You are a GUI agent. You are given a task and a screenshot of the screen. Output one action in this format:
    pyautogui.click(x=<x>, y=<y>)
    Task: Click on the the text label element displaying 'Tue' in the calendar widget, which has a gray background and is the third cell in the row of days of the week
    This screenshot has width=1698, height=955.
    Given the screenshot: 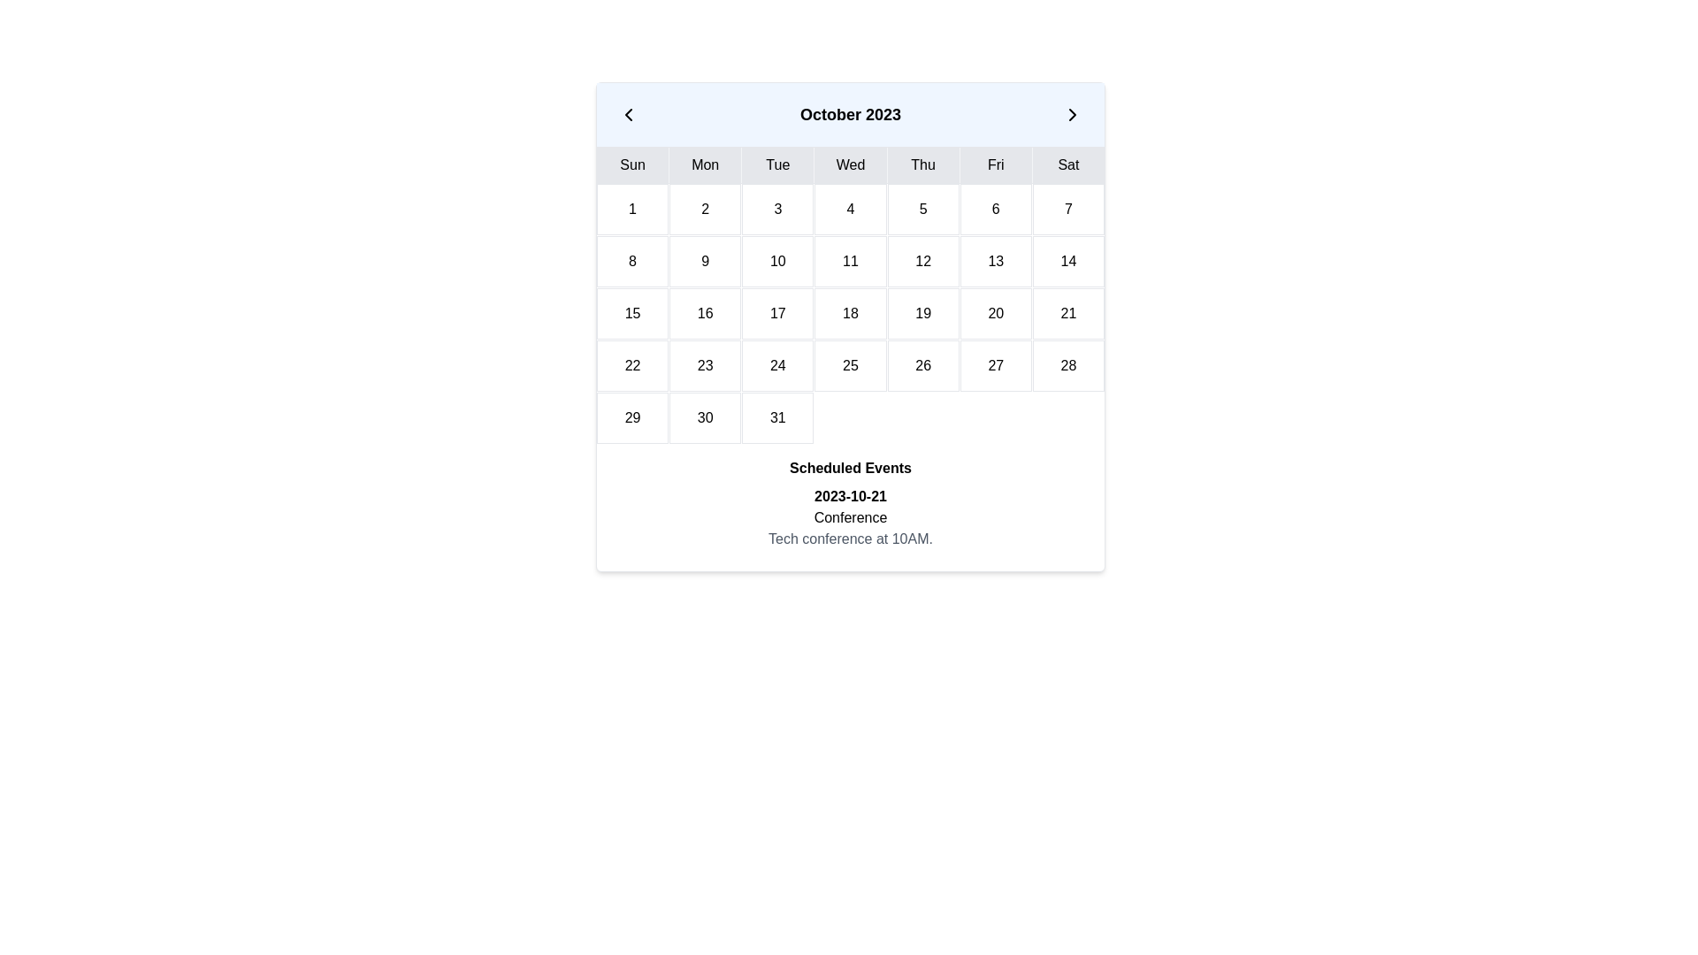 What is the action you would take?
    pyautogui.click(x=777, y=164)
    